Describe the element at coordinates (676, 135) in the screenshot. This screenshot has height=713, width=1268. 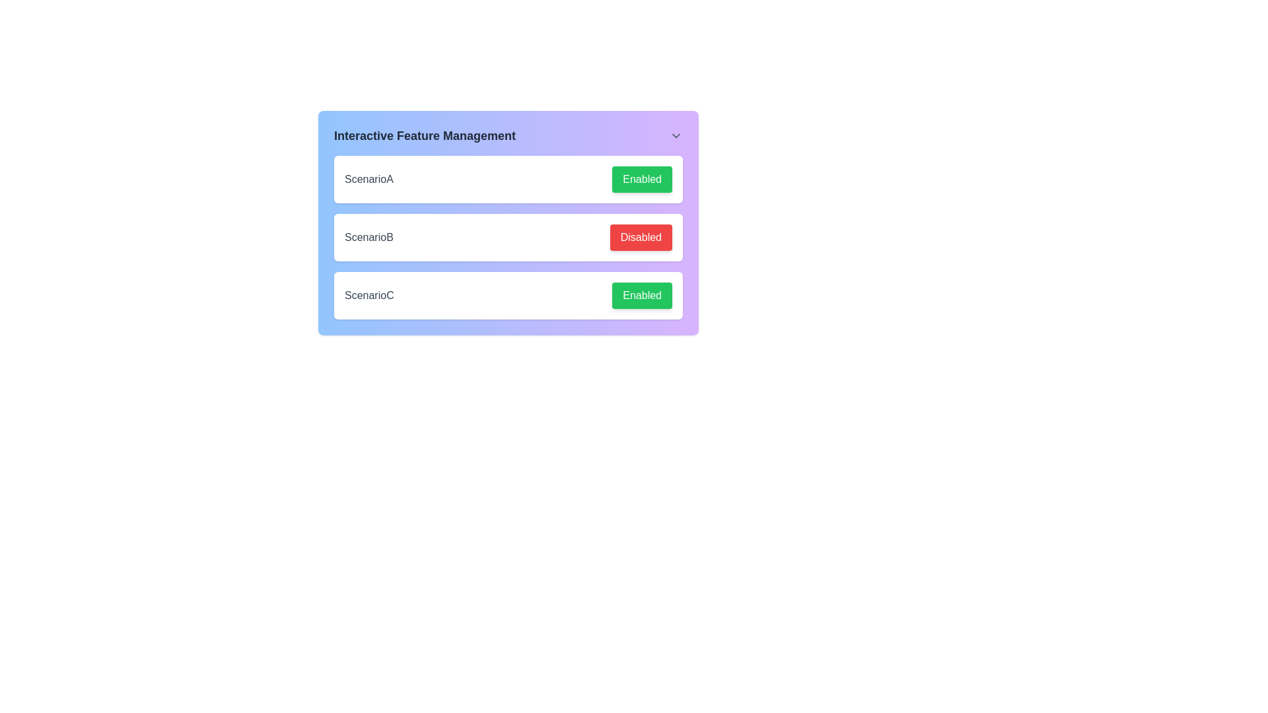
I see `the expand/collapse button to toggle the panel's expansion state` at that location.